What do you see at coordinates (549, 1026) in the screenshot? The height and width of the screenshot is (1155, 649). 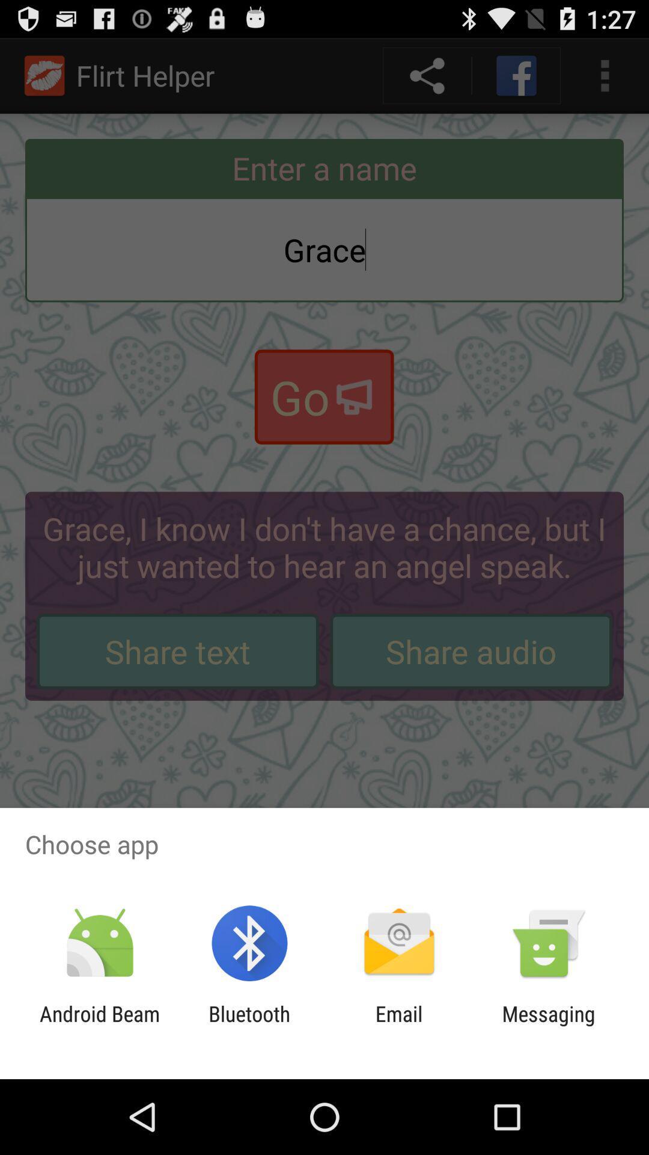 I see `app next to the email icon` at bounding box center [549, 1026].